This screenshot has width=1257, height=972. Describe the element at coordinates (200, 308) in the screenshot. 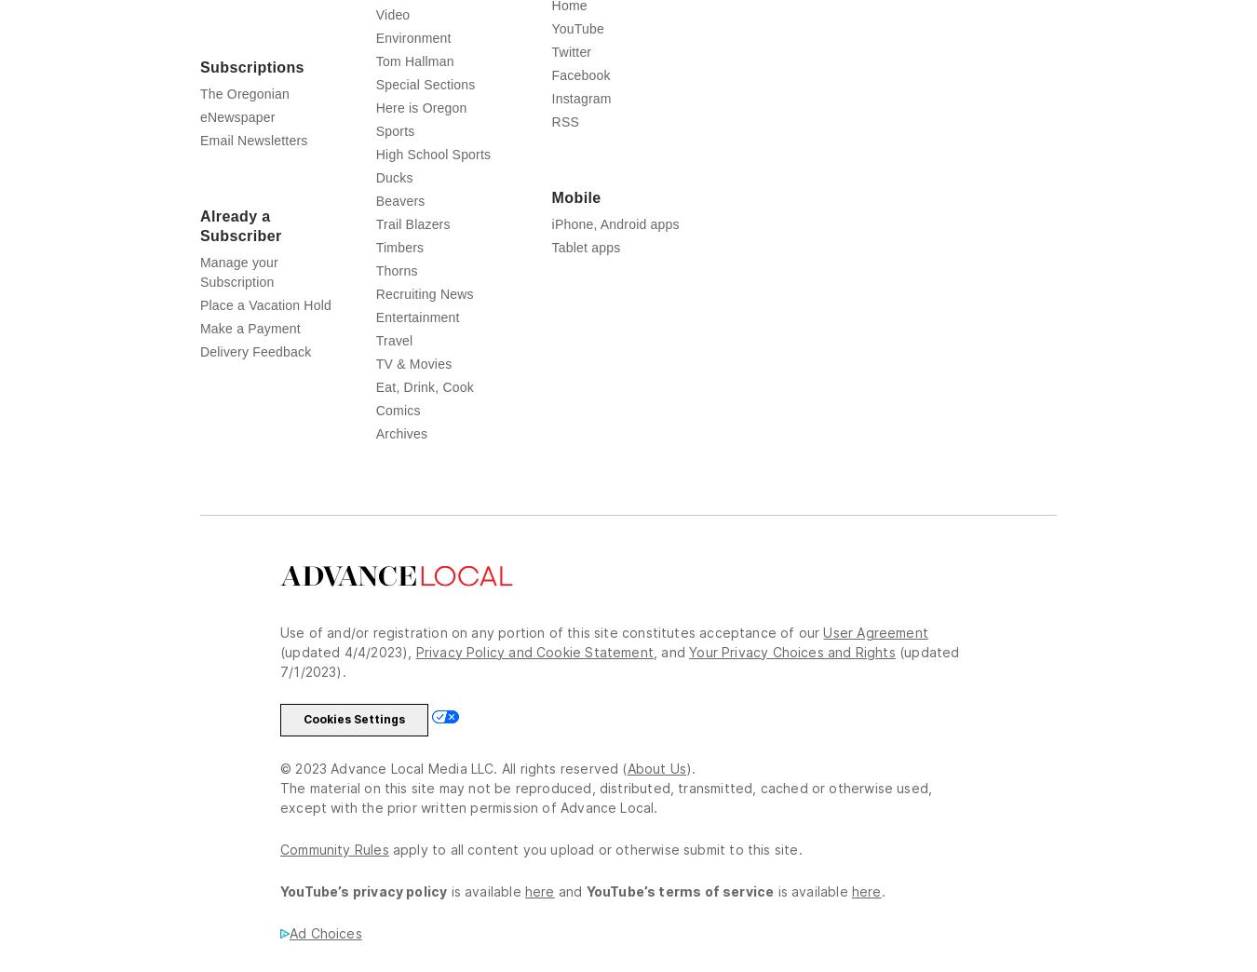

I see `'Manage your Subscription'` at that location.